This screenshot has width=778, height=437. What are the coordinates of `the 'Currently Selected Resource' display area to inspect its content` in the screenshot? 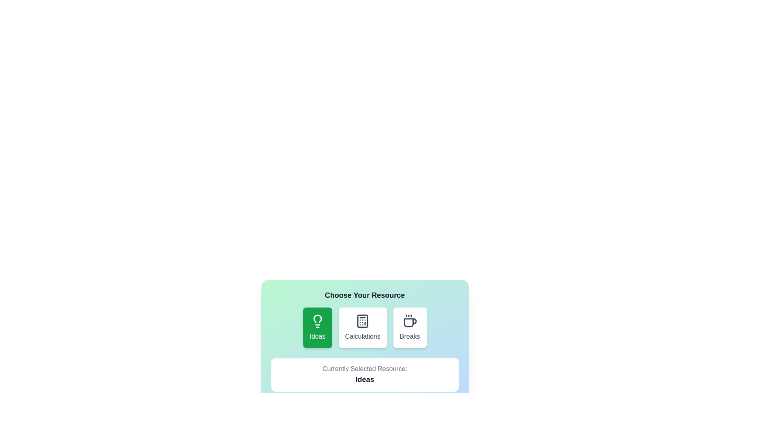 It's located at (364, 374).